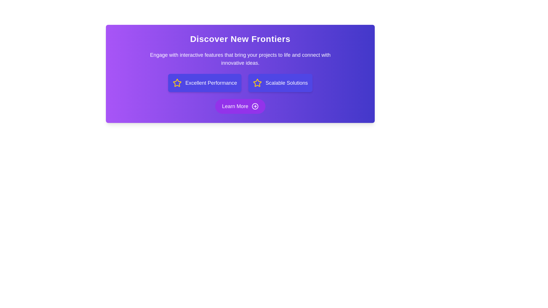  Describe the element at coordinates (177, 83) in the screenshot. I see `the star icon associated with the 'Excellent Performance' button, which emphasizes quality or rating, located to the left of the button's text` at that location.